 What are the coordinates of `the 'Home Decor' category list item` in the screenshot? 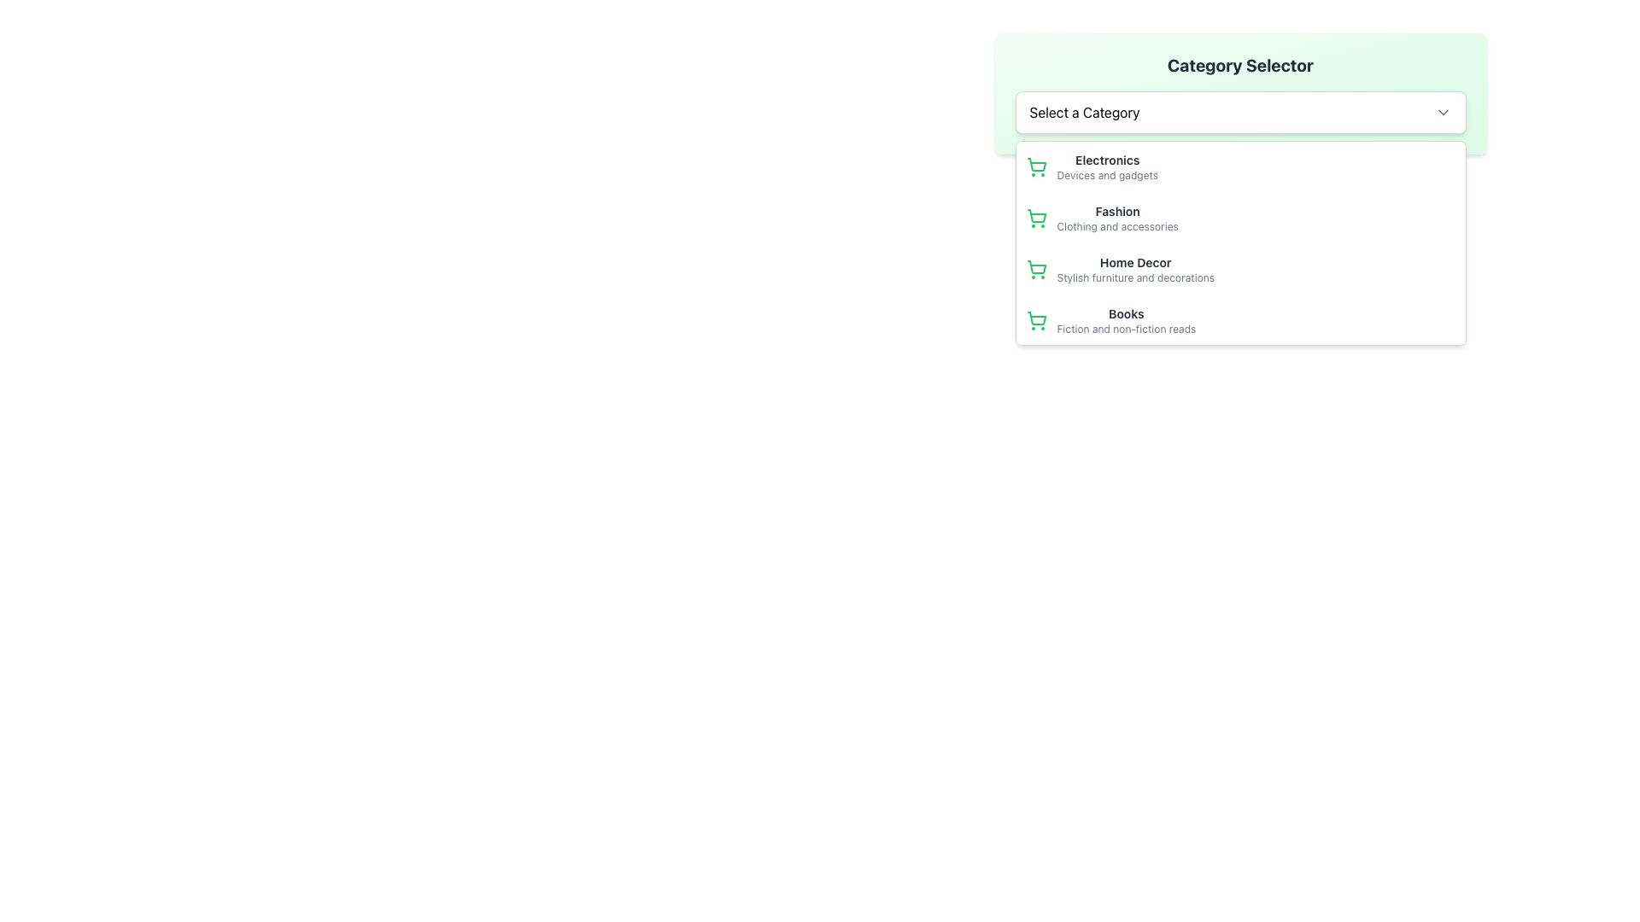 It's located at (1135, 269).